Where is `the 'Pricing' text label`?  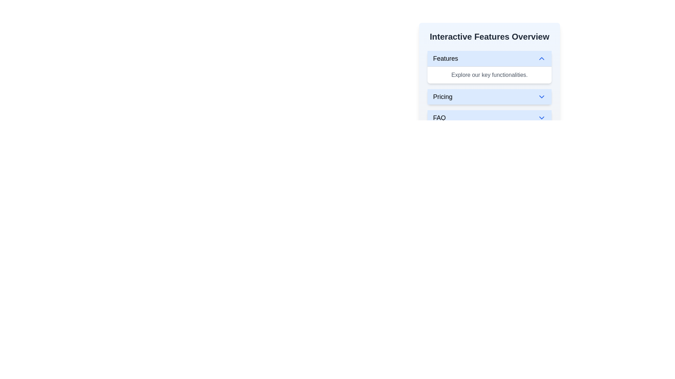
the 'Pricing' text label is located at coordinates (442, 97).